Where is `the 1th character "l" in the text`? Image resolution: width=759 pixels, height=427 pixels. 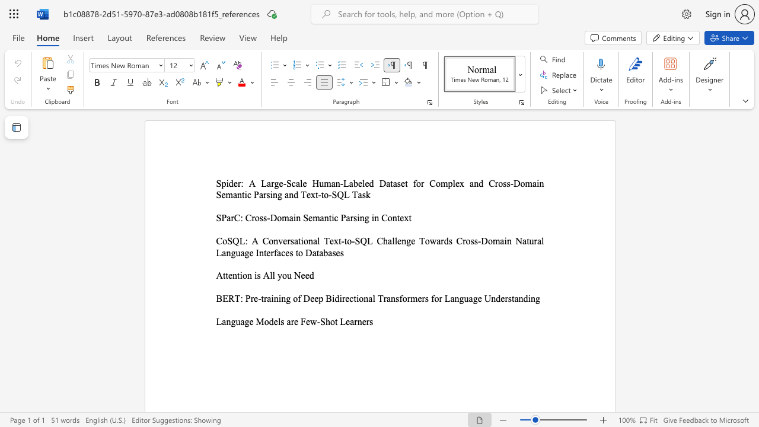
the 1th character "l" in the text is located at coordinates (318, 240).